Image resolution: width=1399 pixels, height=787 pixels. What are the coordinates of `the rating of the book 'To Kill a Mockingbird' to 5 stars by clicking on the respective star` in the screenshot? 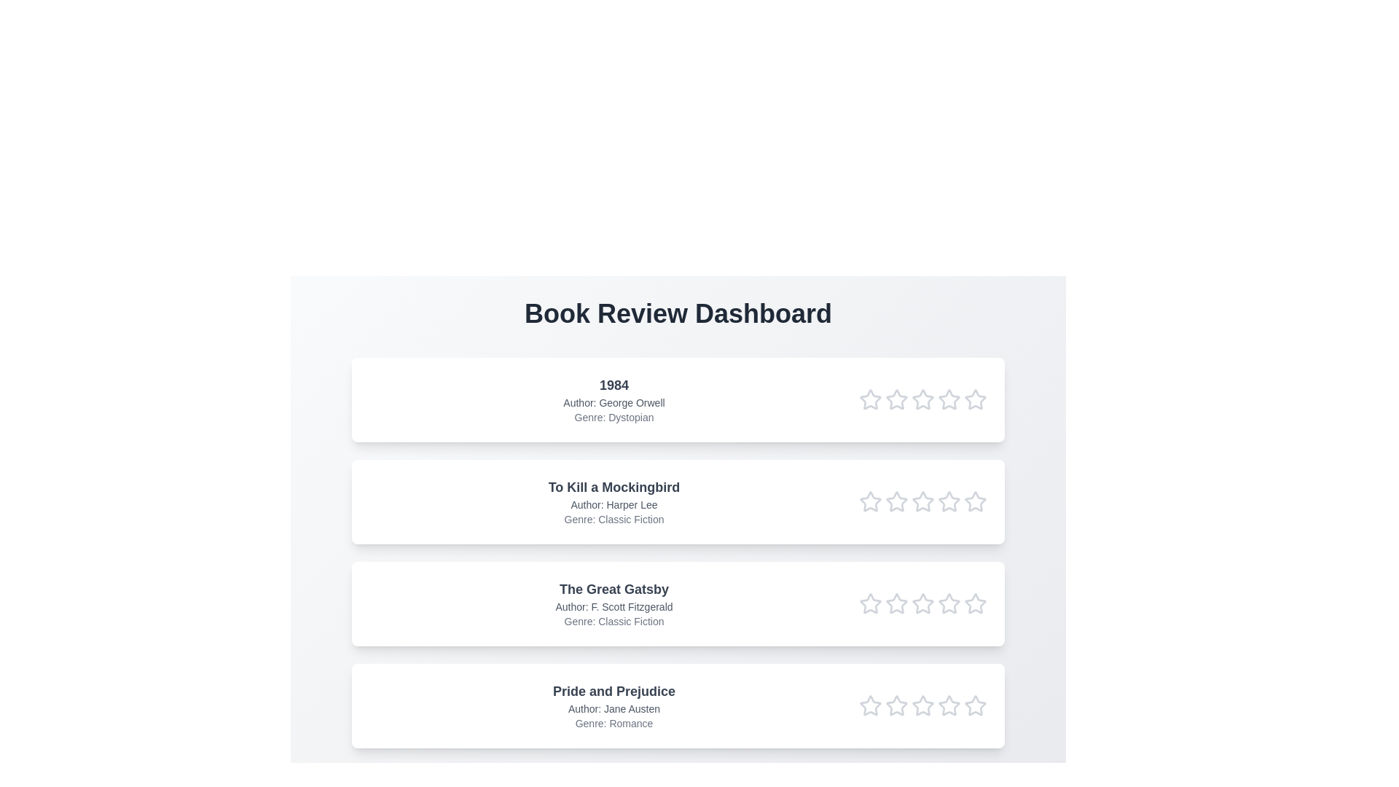 It's located at (976, 501).